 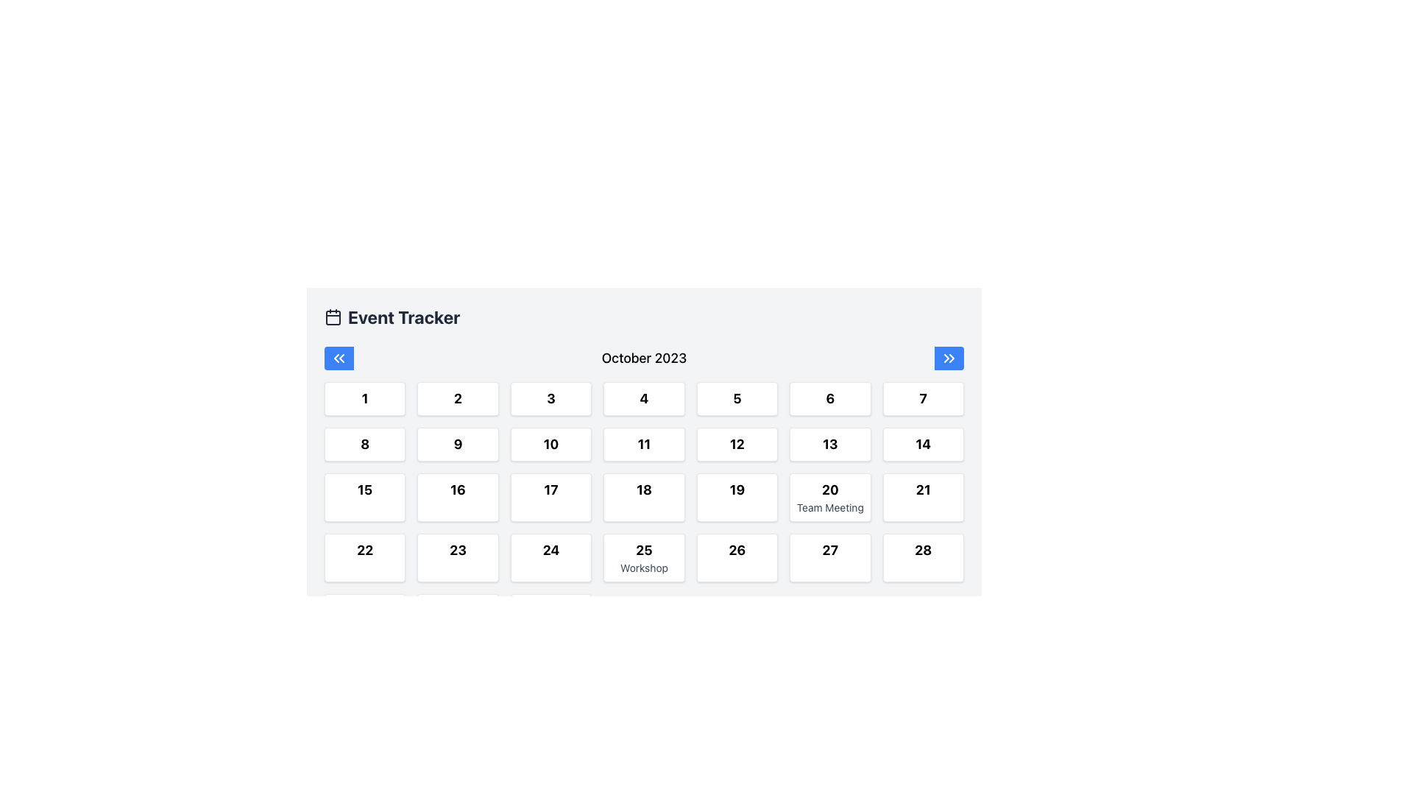 What do you see at coordinates (332, 317) in the screenshot?
I see `the calendar icon element in the SVG graphic that represents a calendar, located to the left of the 'Event Tracker' label` at bounding box center [332, 317].